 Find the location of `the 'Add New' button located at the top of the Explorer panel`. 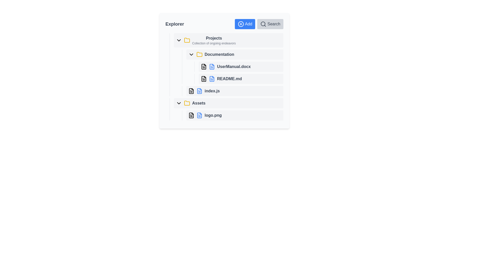

the 'Add New' button located at the top of the Explorer panel is located at coordinates (245, 24).